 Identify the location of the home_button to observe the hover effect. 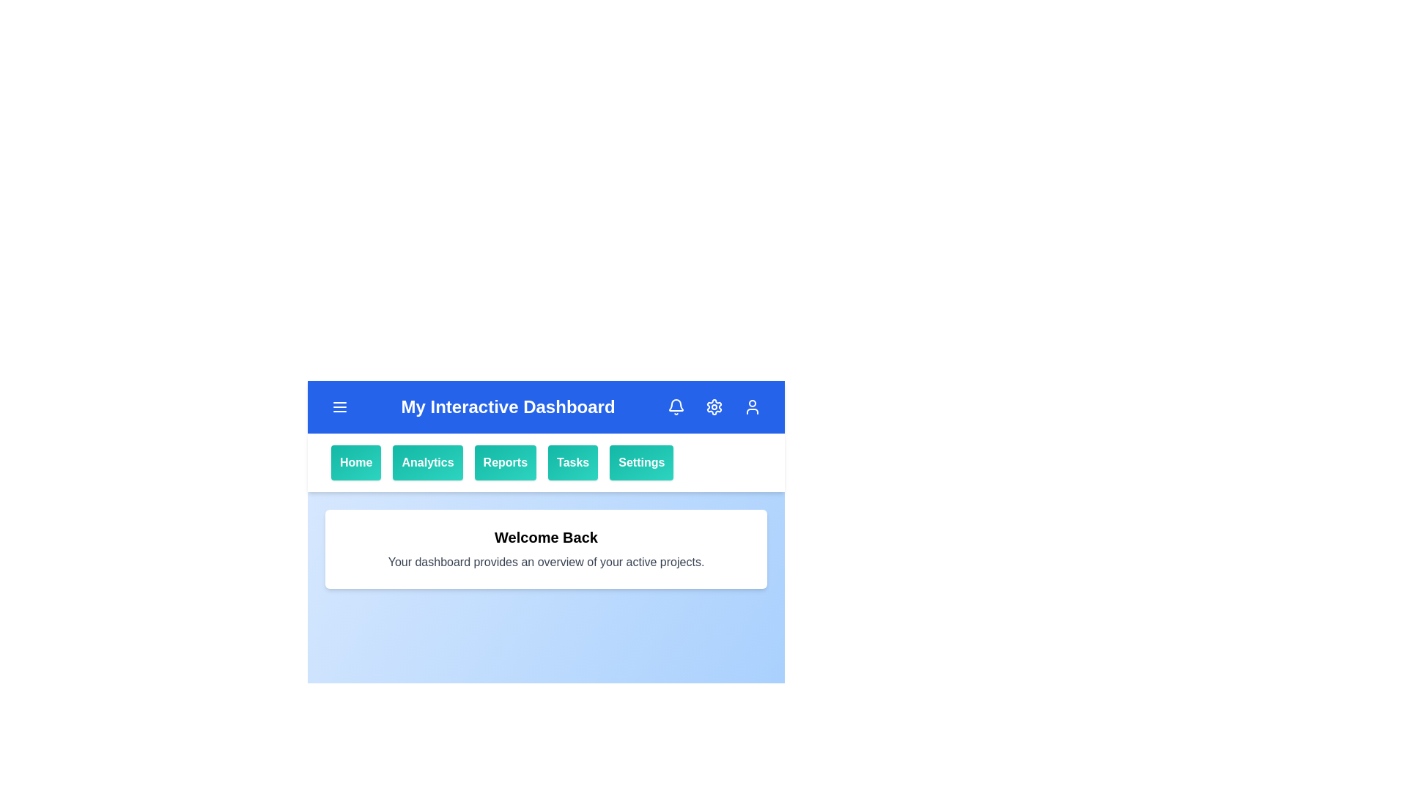
(355, 463).